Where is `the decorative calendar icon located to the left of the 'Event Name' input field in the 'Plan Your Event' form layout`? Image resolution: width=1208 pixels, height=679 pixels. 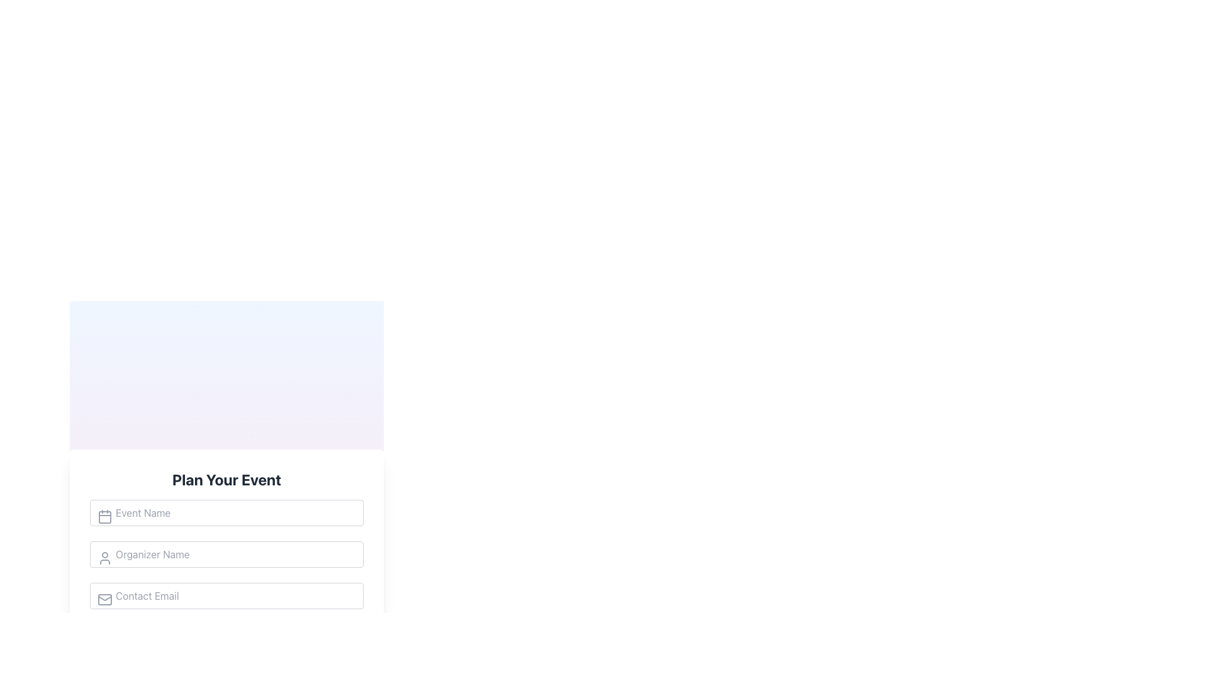
the decorative calendar icon located to the left of the 'Event Name' input field in the 'Plan Your Event' form layout is located at coordinates (105, 517).